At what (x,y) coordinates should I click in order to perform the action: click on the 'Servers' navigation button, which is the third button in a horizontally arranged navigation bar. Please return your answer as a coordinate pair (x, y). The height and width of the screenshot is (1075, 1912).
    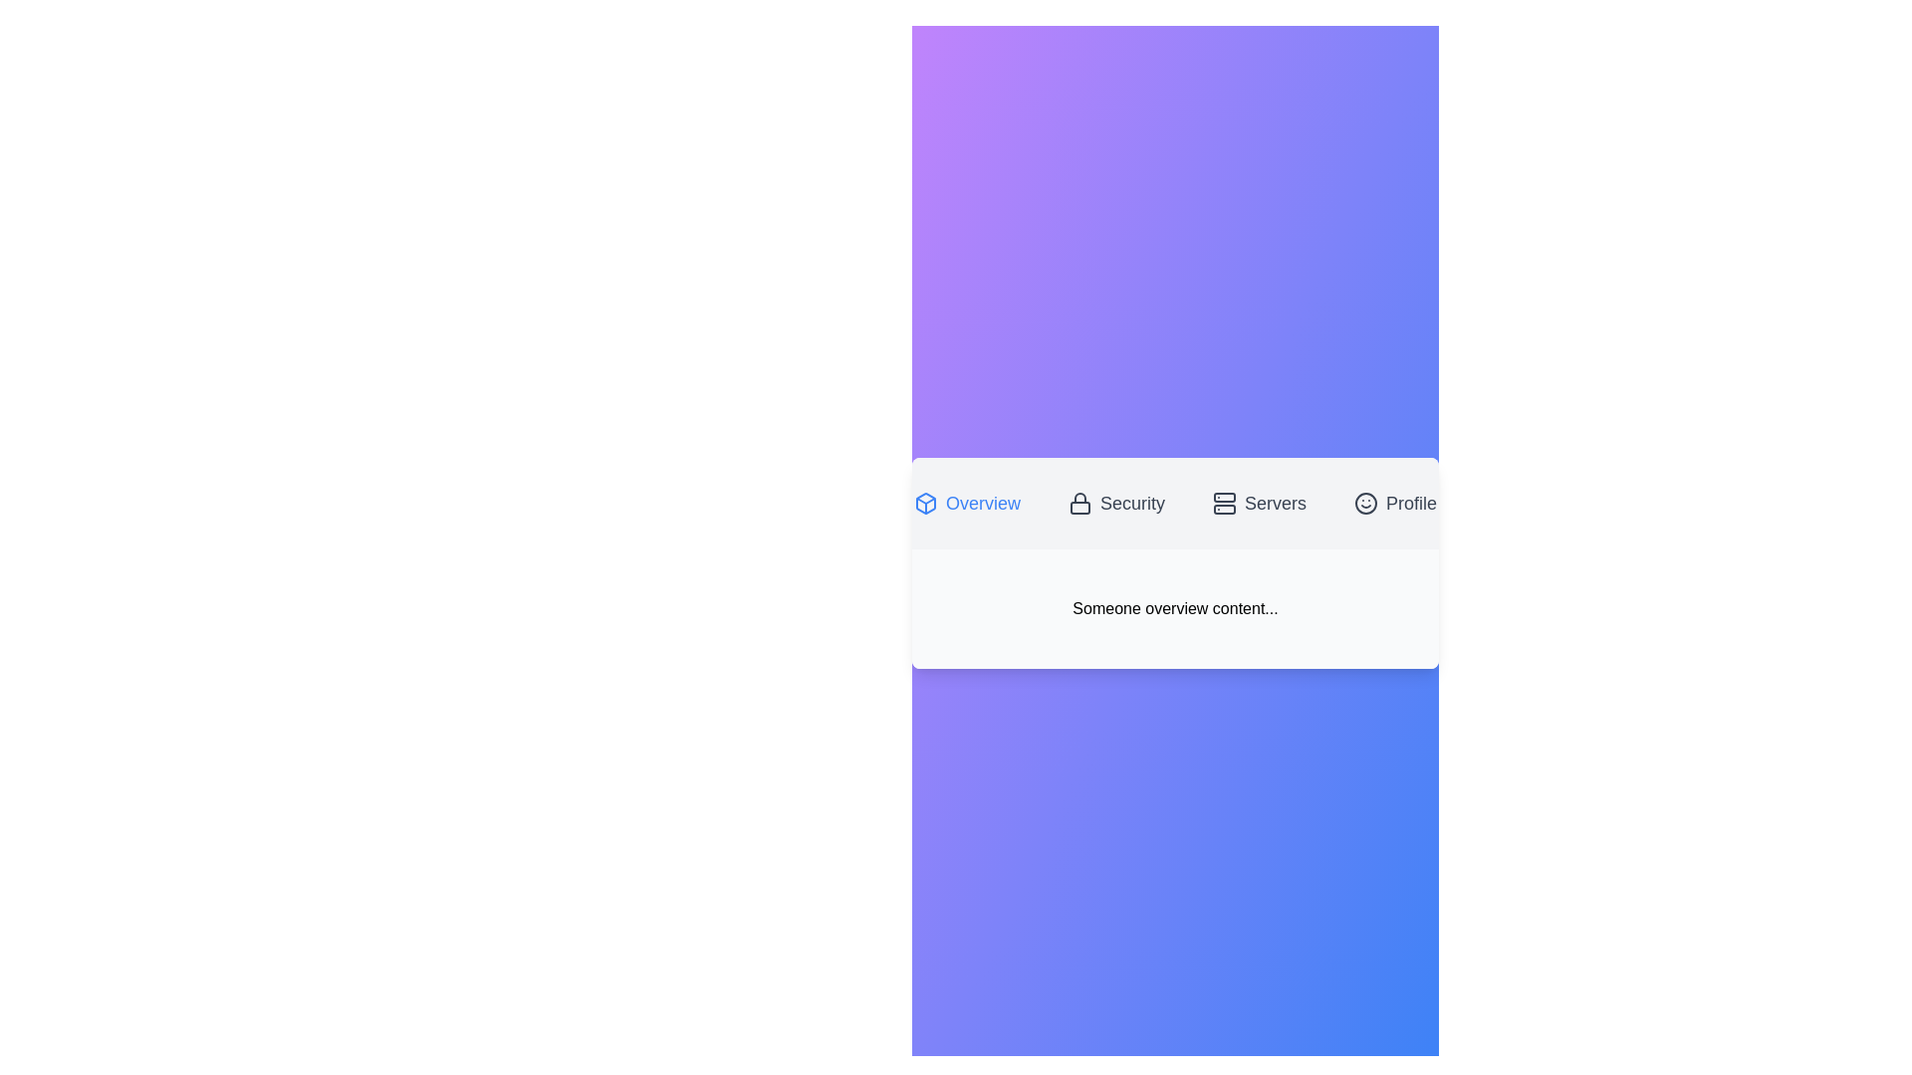
    Looking at the image, I should click on (1259, 502).